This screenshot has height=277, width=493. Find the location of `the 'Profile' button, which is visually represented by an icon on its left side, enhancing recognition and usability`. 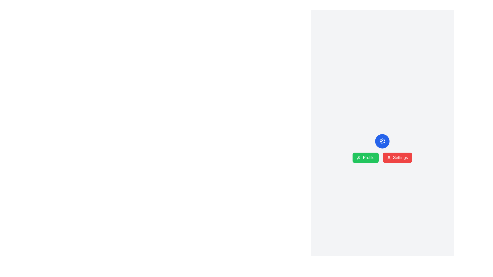

the 'Profile' button, which is visually represented by an icon on its left side, enhancing recognition and usability is located at coordinates (358, 157).